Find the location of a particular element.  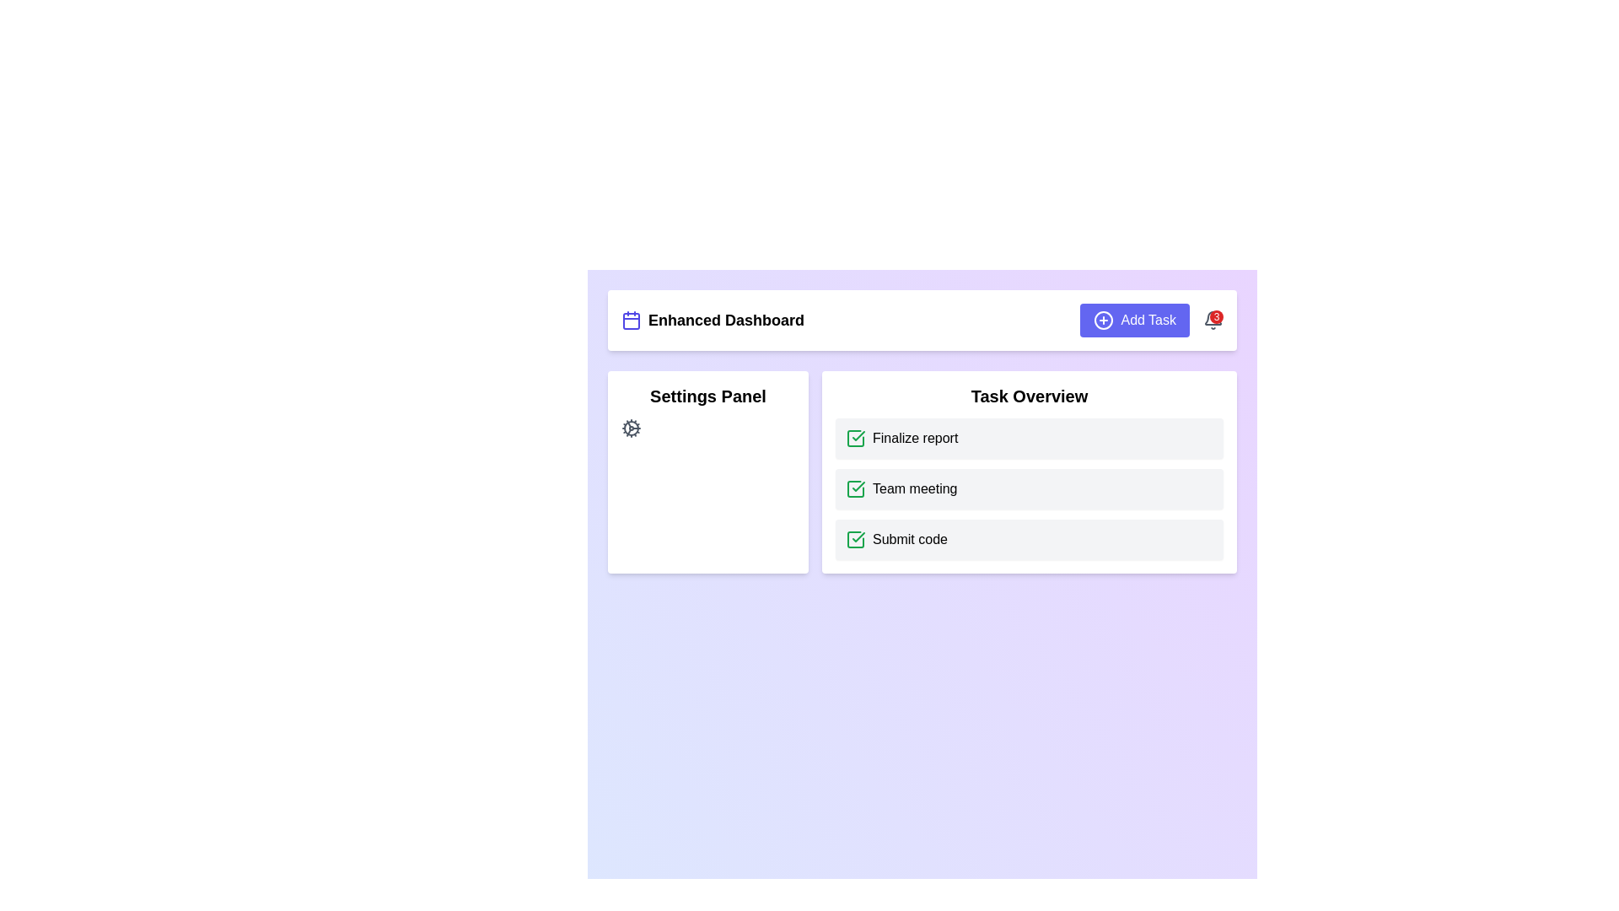

the 'Add Task' button by clicking on the circular icon with a plus sign inside, which is positioned on a purple background to the left of the text 'Add Task' is located at coordinates (1104, 321).